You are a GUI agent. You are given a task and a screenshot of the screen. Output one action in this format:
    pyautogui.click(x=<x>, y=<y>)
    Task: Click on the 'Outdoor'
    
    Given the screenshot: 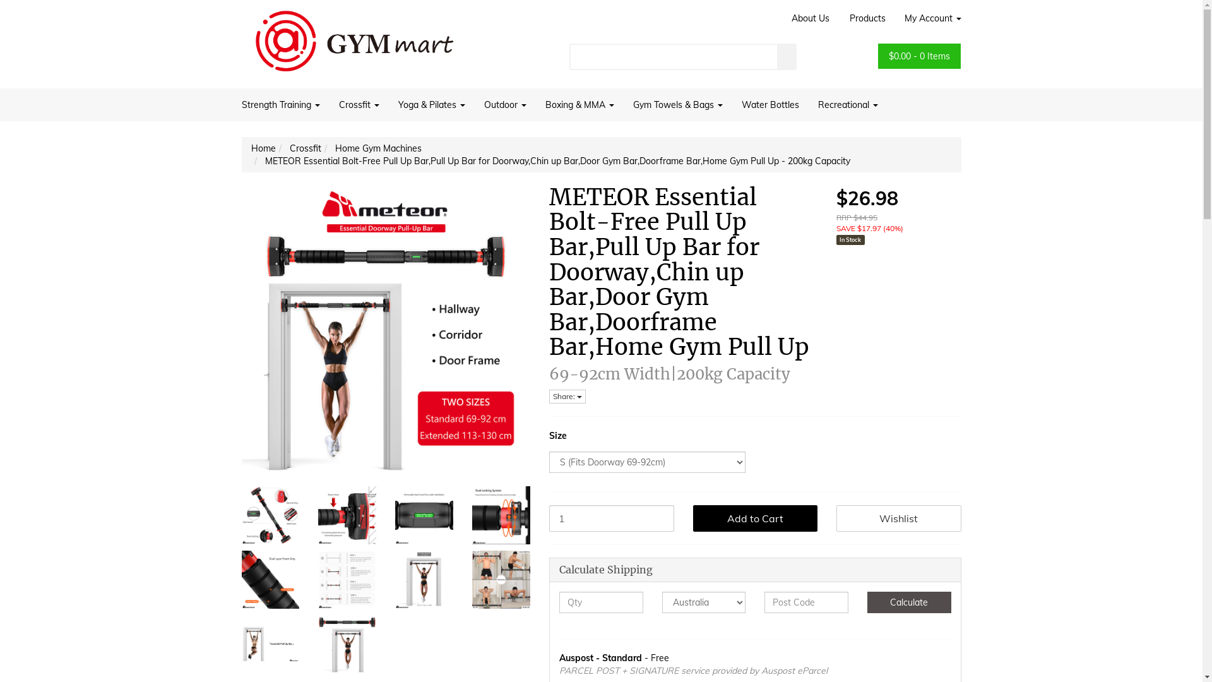 What is the action you would take?
    pyautogui.click(x=505, y=104)
    